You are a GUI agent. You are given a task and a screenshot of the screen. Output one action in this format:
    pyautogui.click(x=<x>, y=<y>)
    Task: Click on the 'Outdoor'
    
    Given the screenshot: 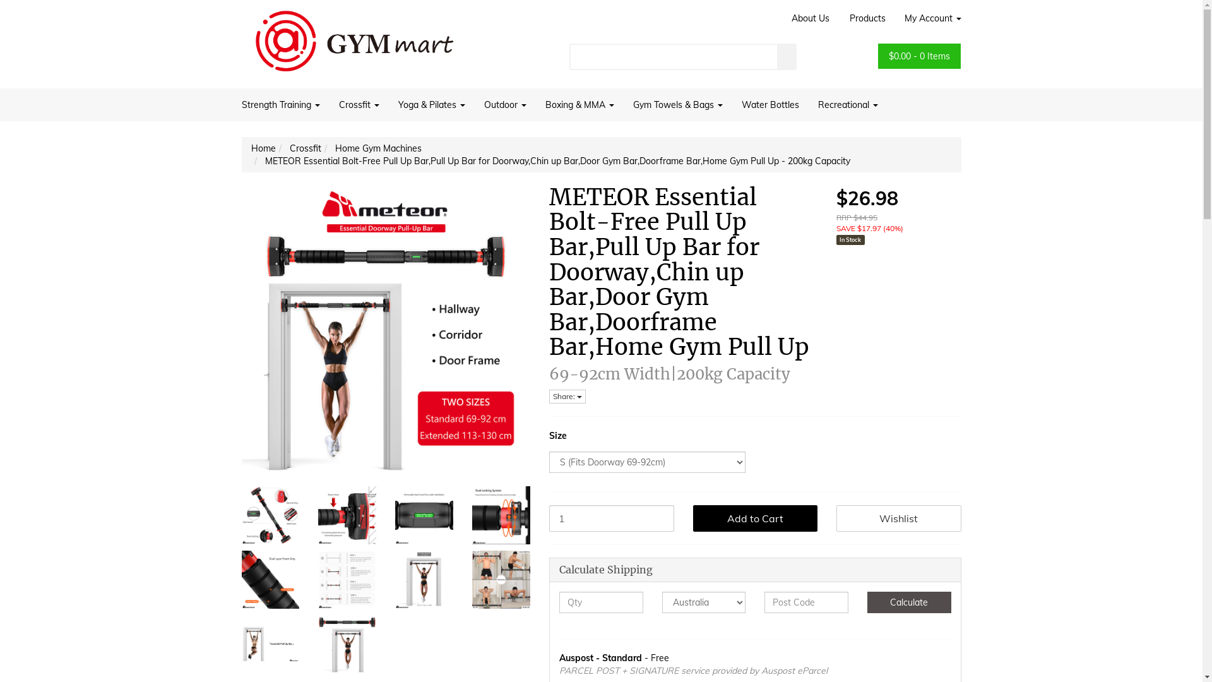 What is the action you would take?
    pyautogui.click(x=505, y=104)
    